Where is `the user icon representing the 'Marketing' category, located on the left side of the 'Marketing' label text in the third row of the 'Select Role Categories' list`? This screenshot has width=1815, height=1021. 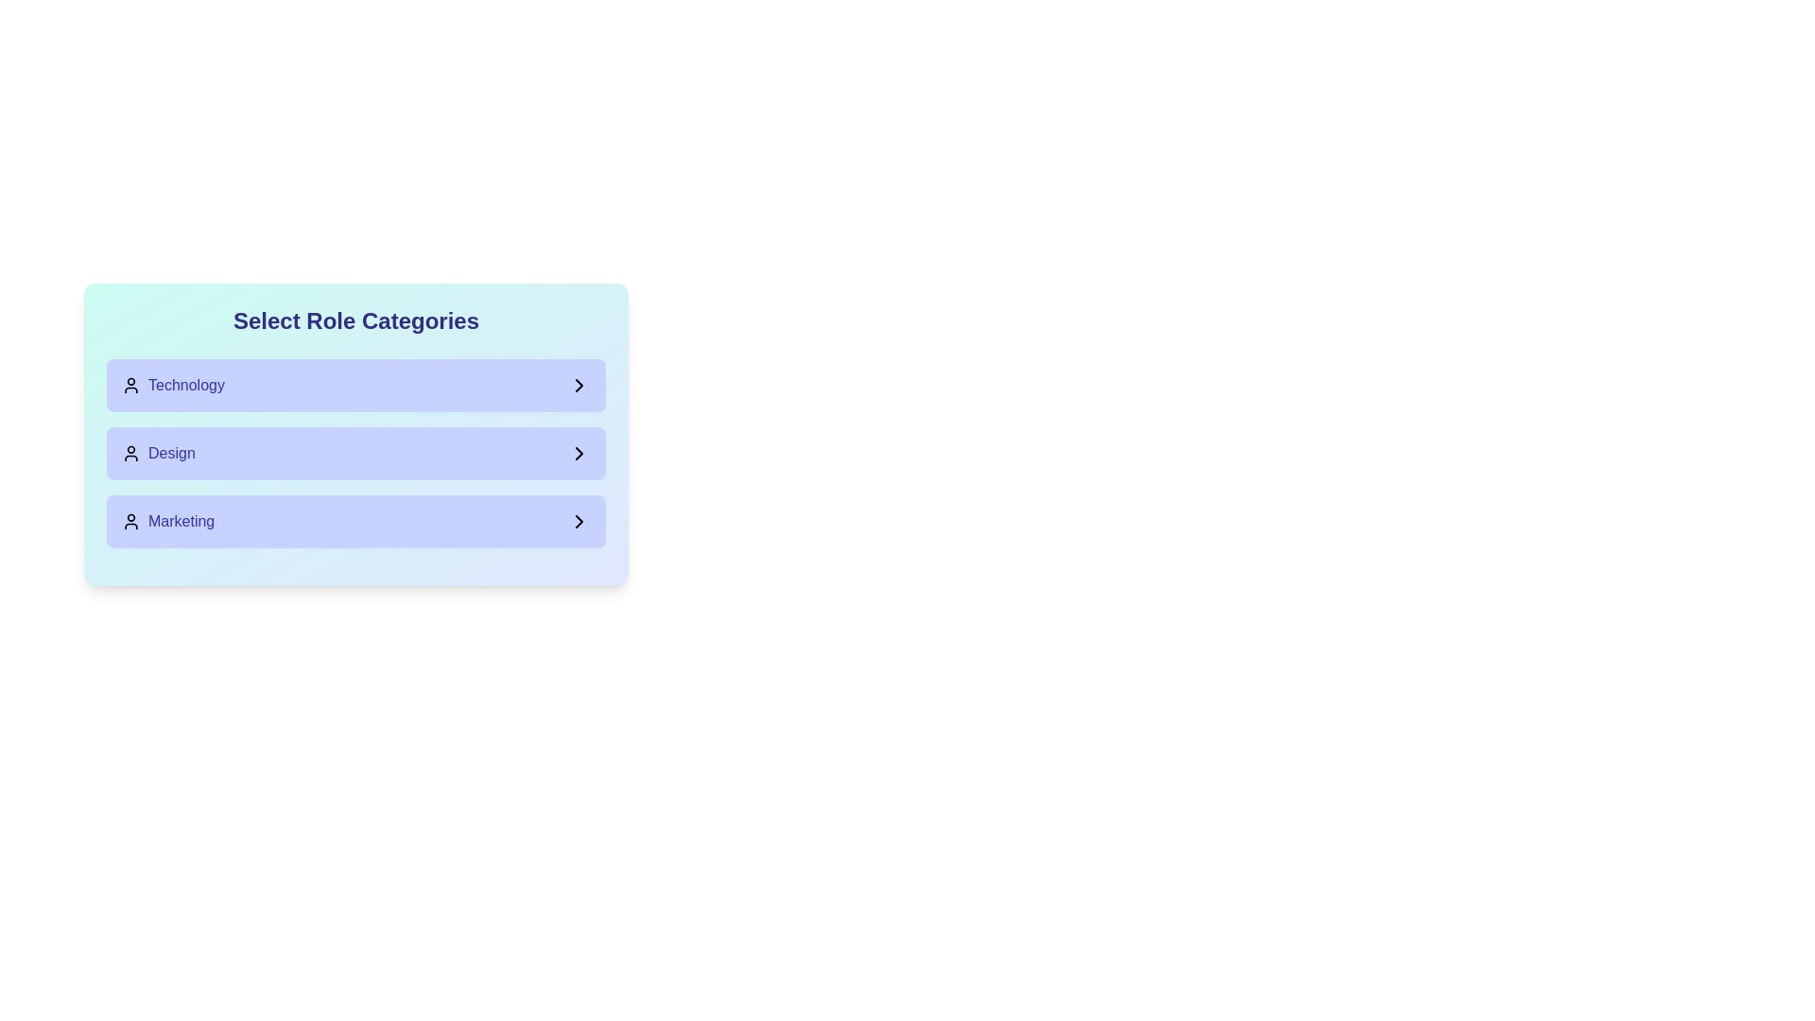
the user icon representing the 'Marketing' category, located on the left side of the 'Marketing' label text in the third row of the 'Select Role Categories' list is located at coordinates (130, 521).